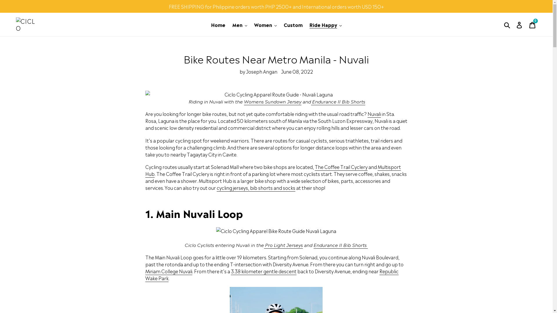  Describe the element at coordinates (507, 24) in the screenshot. I see `'Submit'` at that location.